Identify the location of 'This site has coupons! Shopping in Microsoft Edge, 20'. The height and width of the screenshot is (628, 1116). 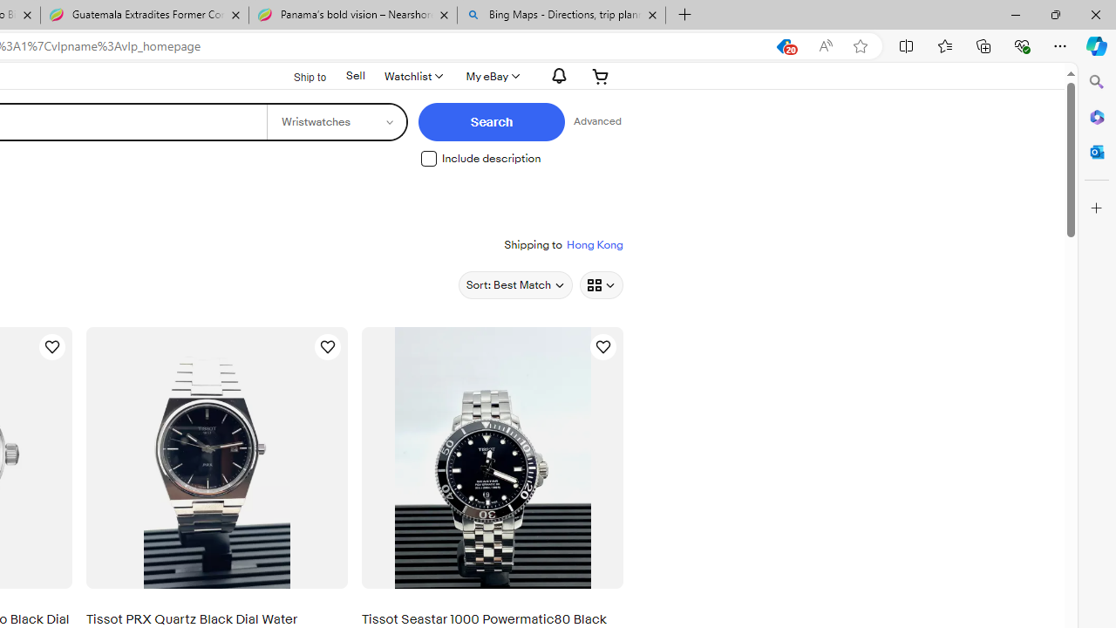
(782, 45).